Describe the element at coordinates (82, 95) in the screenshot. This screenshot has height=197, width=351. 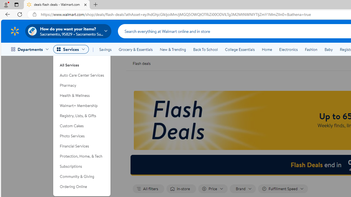
I see `'Health & Wellness'` at that location.